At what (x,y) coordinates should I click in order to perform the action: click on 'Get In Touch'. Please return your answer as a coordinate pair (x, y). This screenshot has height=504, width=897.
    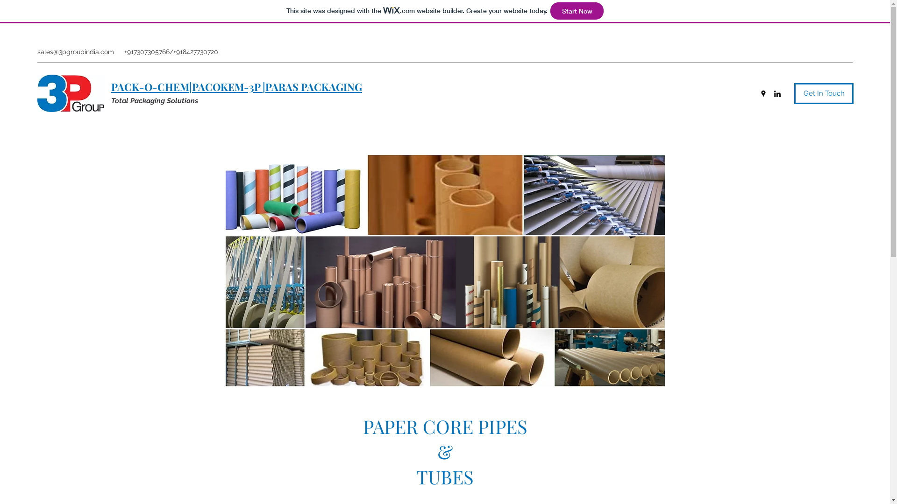
    Looking at the image, I should click on (824, 93).